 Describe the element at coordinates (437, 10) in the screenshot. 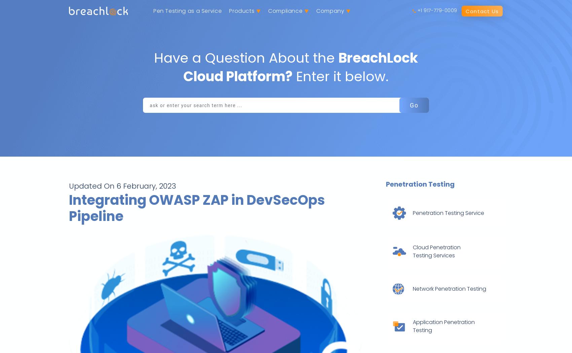

I see `'+1 917-779-0009'` at that location.